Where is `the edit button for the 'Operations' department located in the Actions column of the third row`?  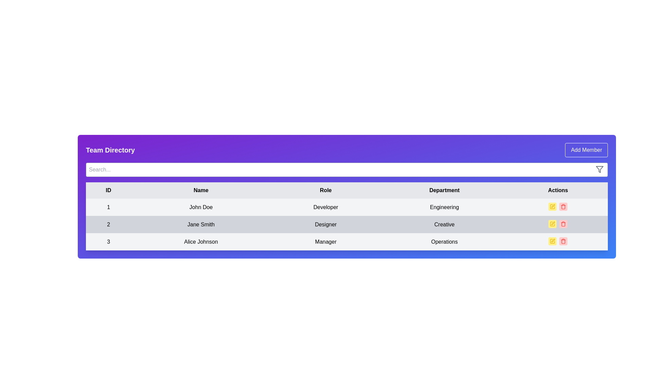 the edit button for the 'Operations' department located in the Actions column of the third row is located at coordinates (553, 241).